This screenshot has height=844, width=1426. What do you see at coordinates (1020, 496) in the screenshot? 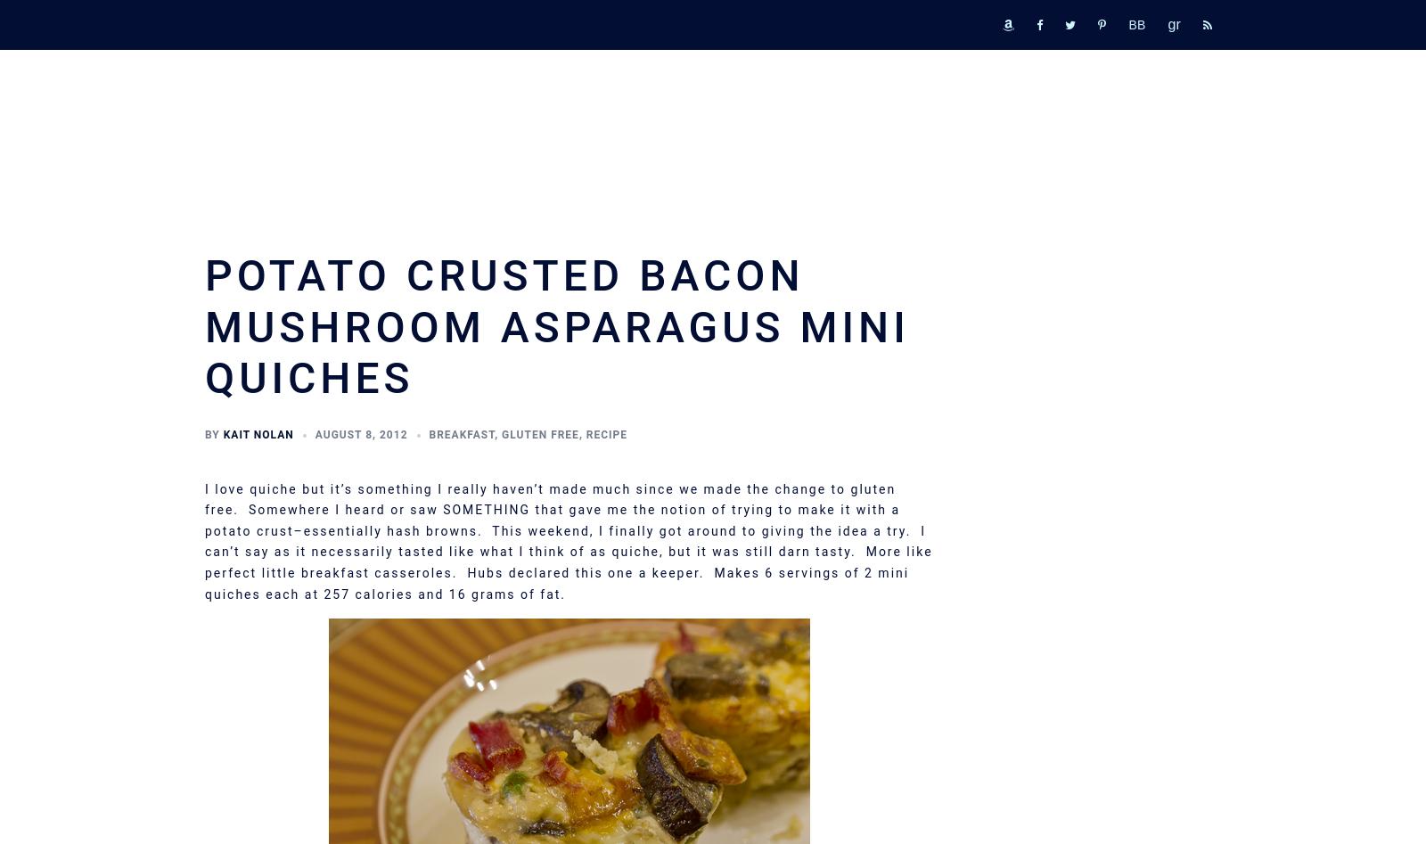
I see `'Bites (My Recipes)'` at bounding box center [1020, 496].